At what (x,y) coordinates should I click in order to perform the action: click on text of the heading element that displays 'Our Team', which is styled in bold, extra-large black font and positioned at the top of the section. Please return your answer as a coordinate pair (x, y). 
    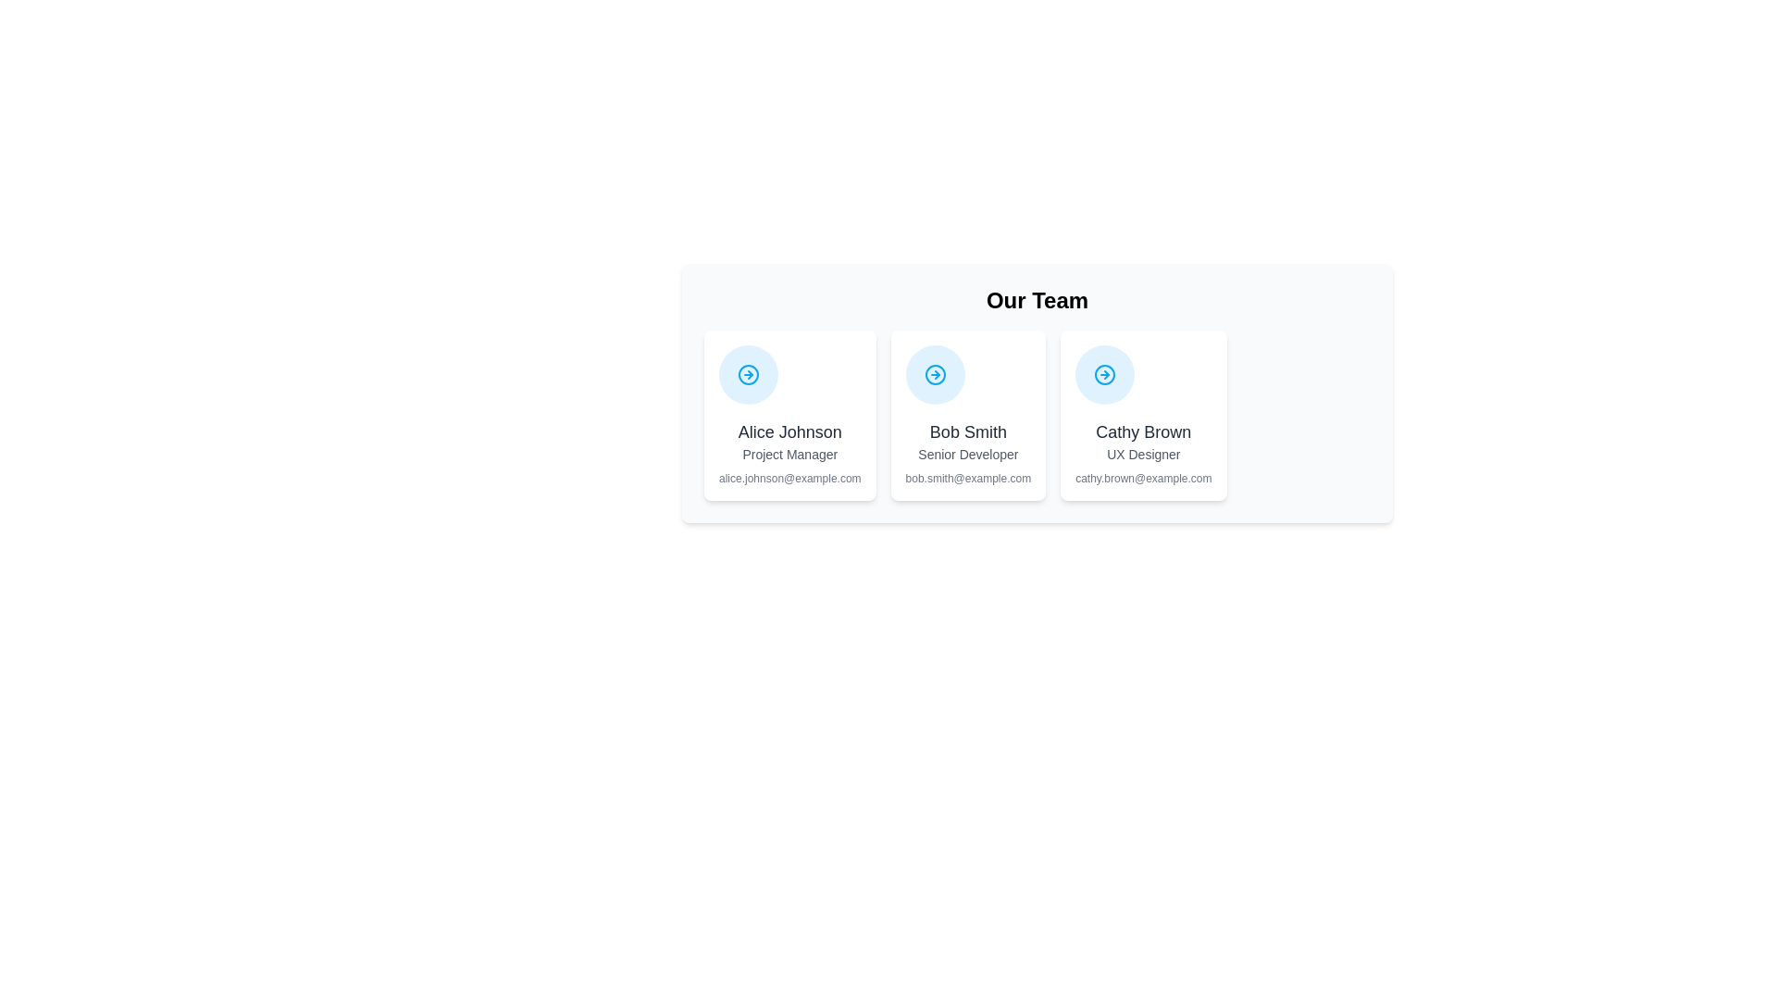
    Looking at the image, I should click on (1038, 299).